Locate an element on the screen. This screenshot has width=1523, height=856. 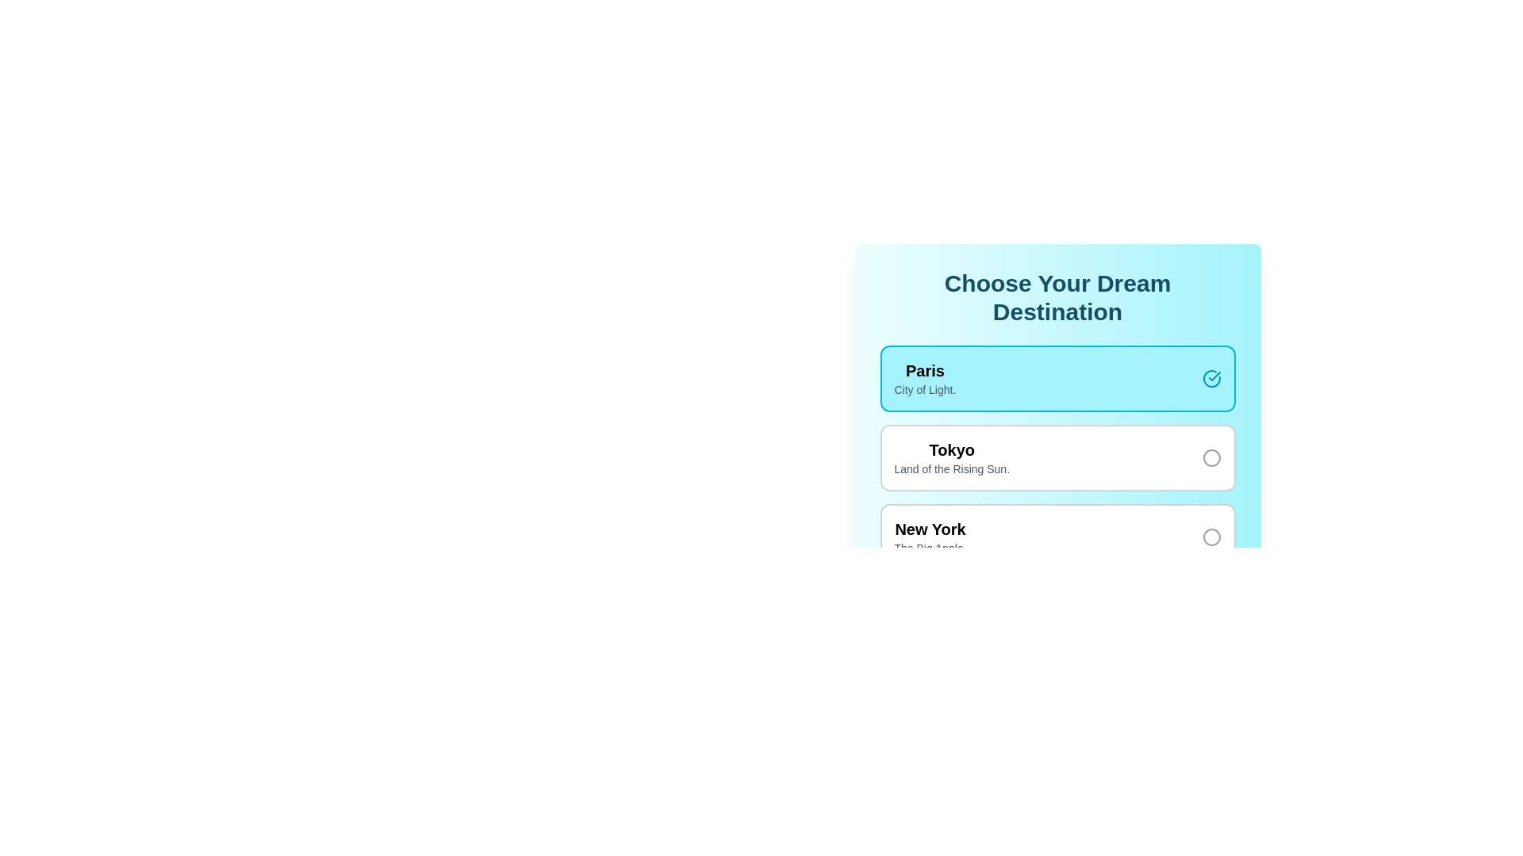
descriptive subtitle or tagline for the city name 'Paris' located at the bottom of the multi-option card list within a blue box is located at coordinates (925, 390).